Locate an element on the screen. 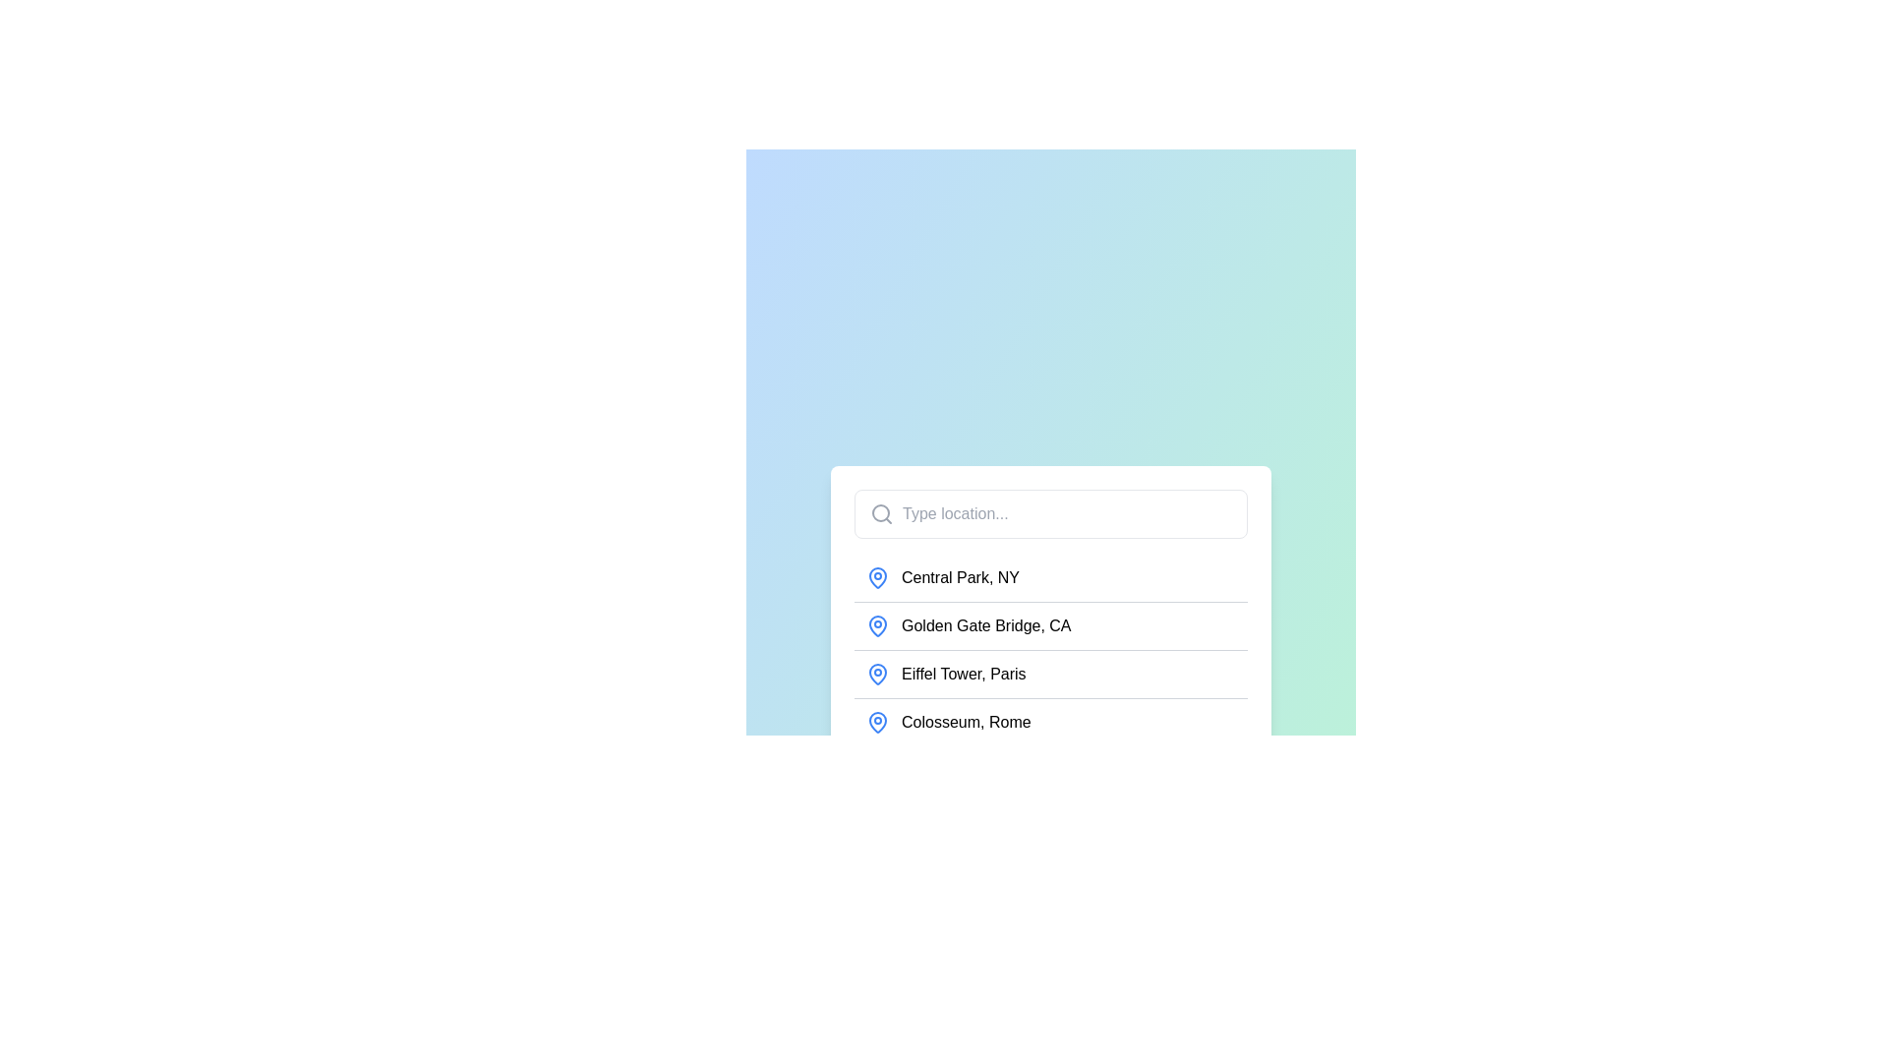 This screenshot has height=1062, width=1888. the SVG map pin icon component associated with the location entry 'Eiffel Tower, Paris' in the dropdown menu is located at coordinates (876, 673).